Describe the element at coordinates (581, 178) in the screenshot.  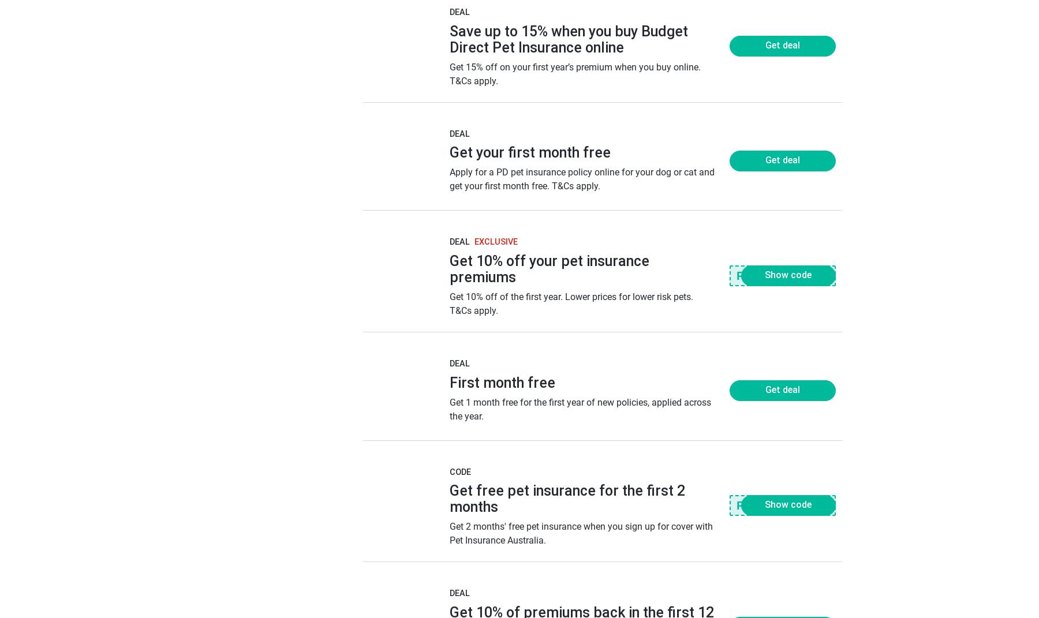
I see `'Apply for a PD pet insurance policy online for your dog or cat and get your first month free. T&Cs apply.'` at that location.